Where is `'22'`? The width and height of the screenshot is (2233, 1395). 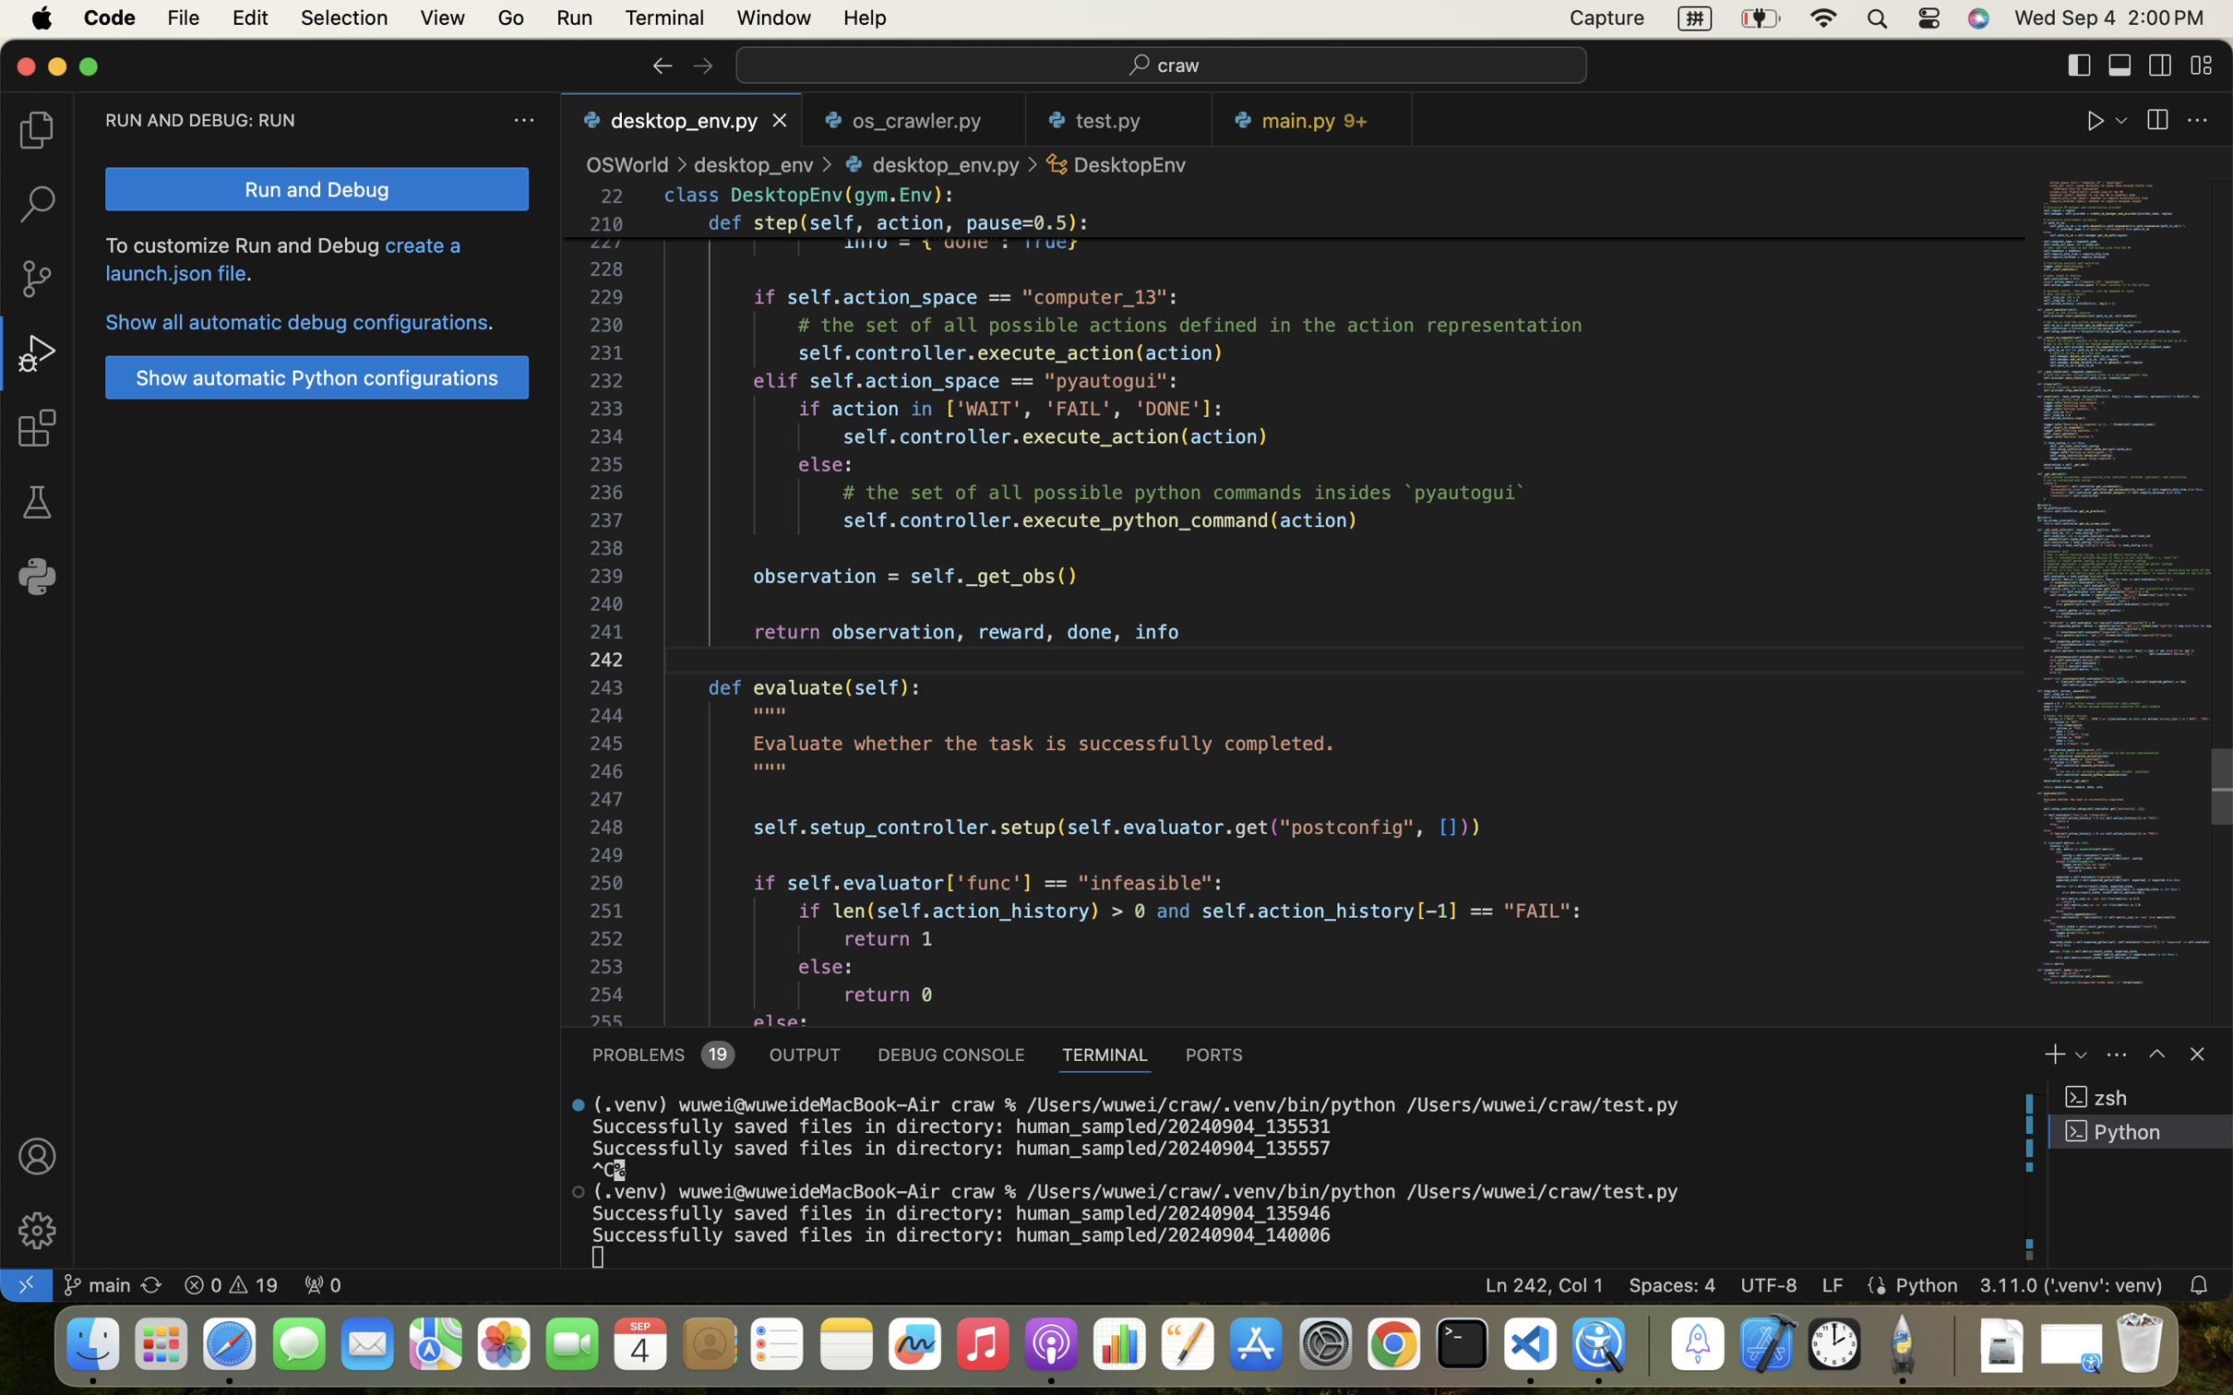 '22' is located at coordinates (611, 196).